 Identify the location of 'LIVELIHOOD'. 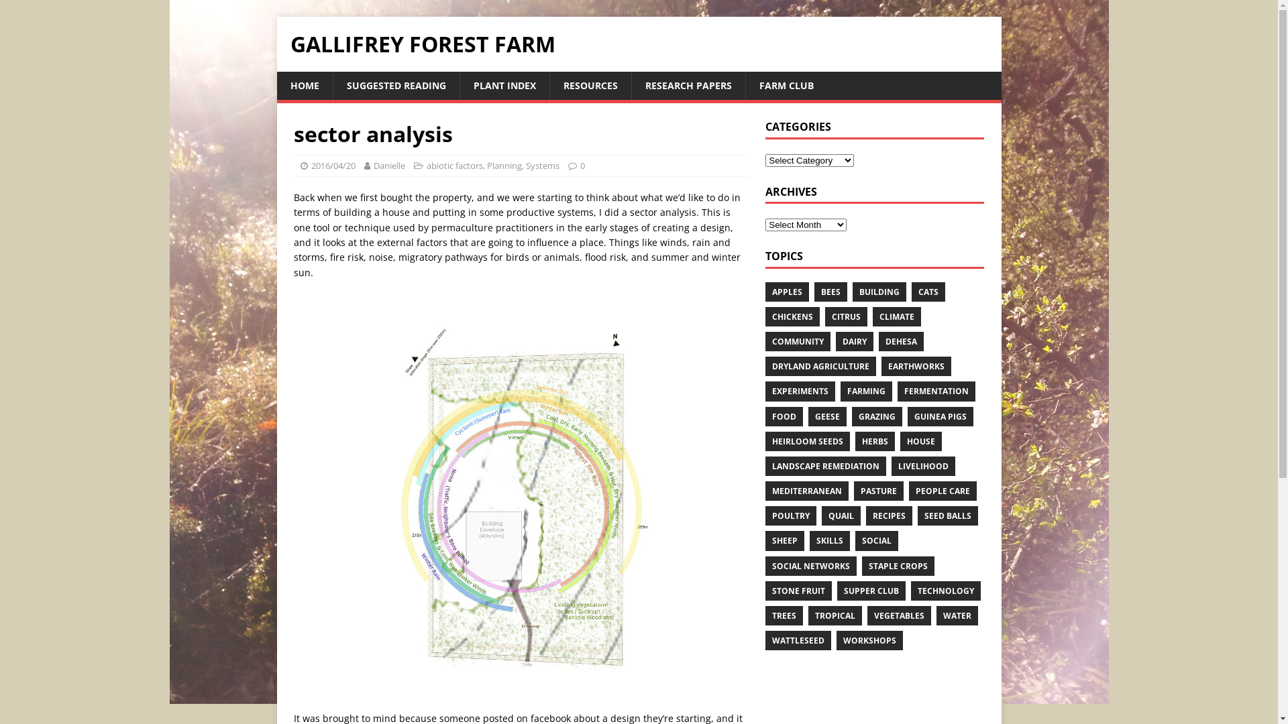
(922, 465).